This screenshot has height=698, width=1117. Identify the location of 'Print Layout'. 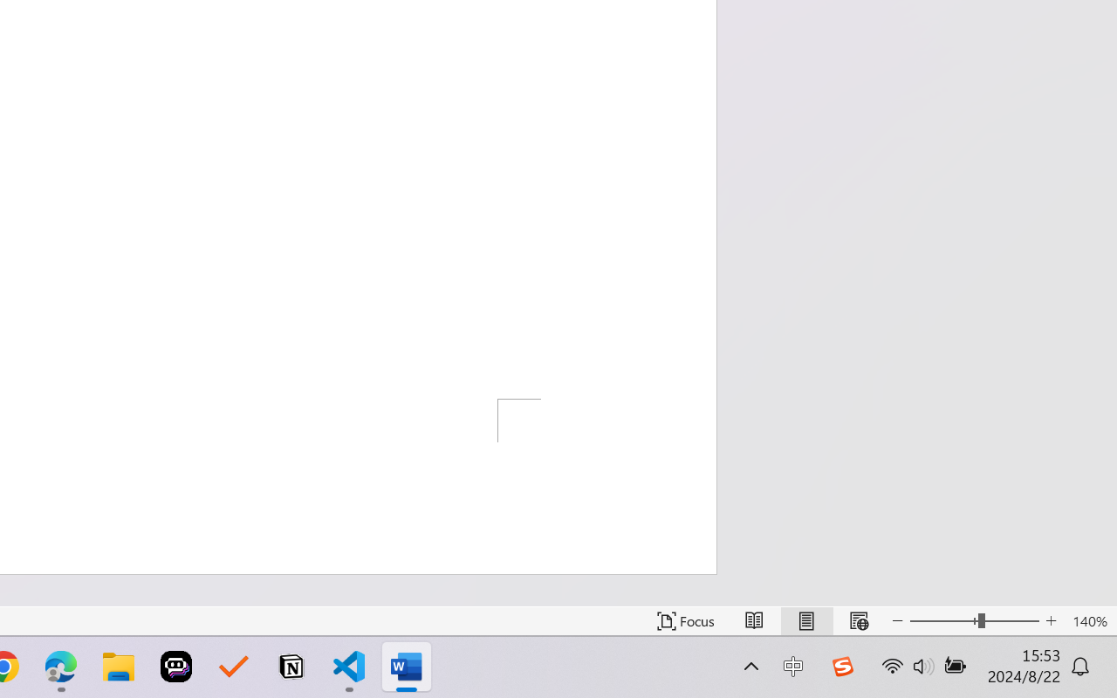
(805, 620).